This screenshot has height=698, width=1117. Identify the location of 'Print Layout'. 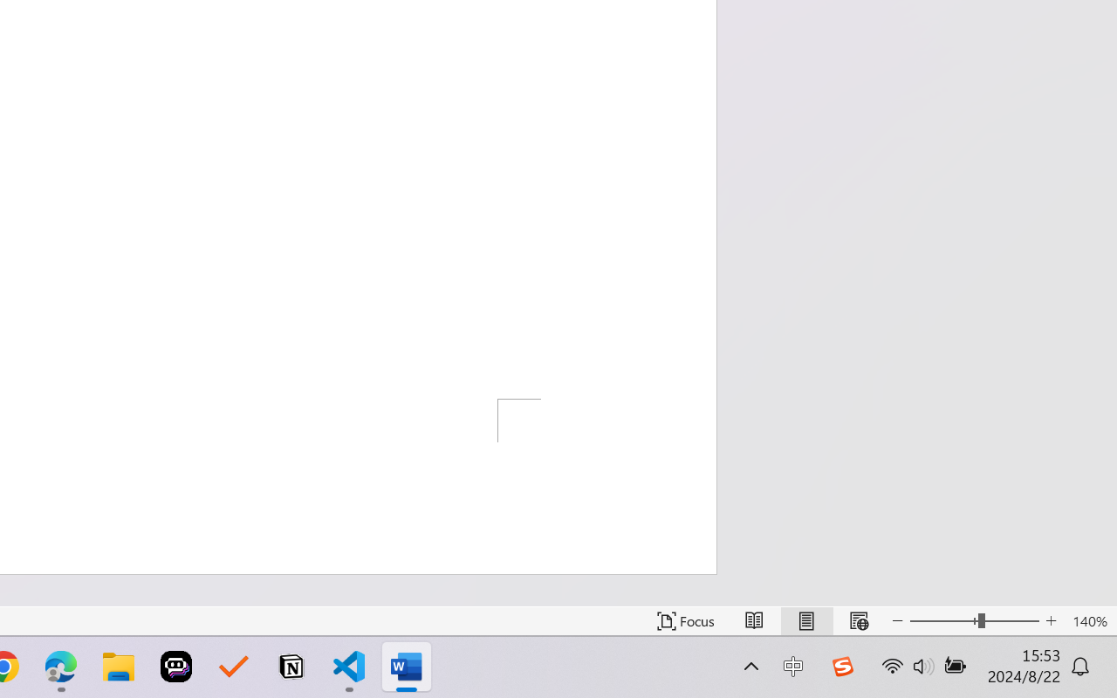
(805, 620).